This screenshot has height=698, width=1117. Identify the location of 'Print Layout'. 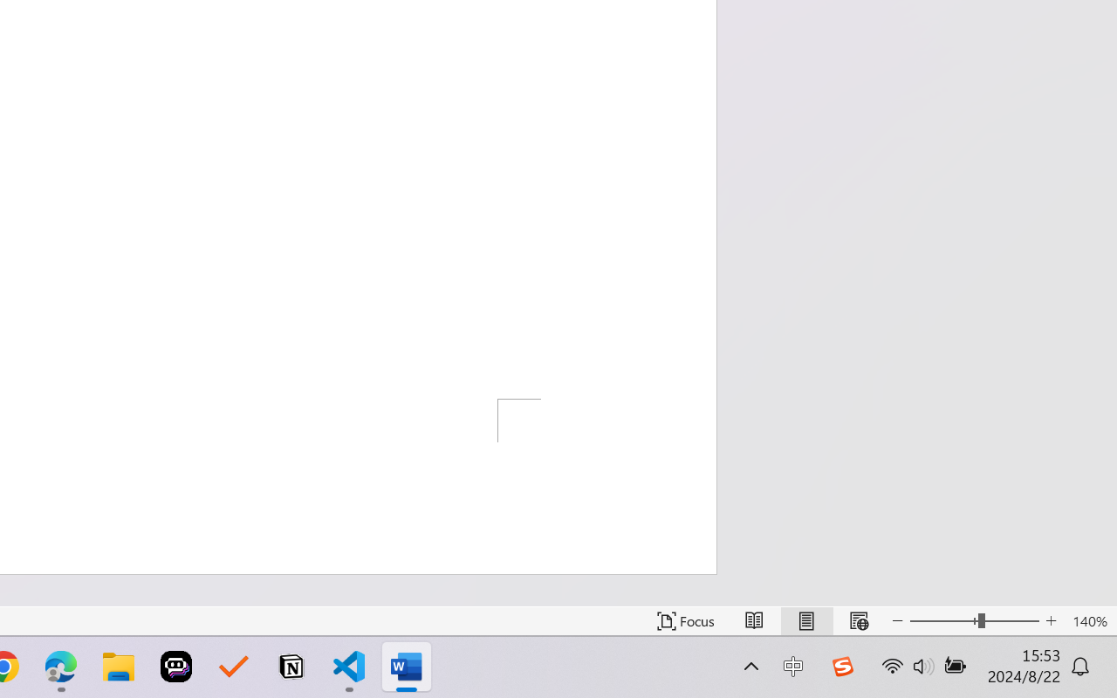
(805, 620).